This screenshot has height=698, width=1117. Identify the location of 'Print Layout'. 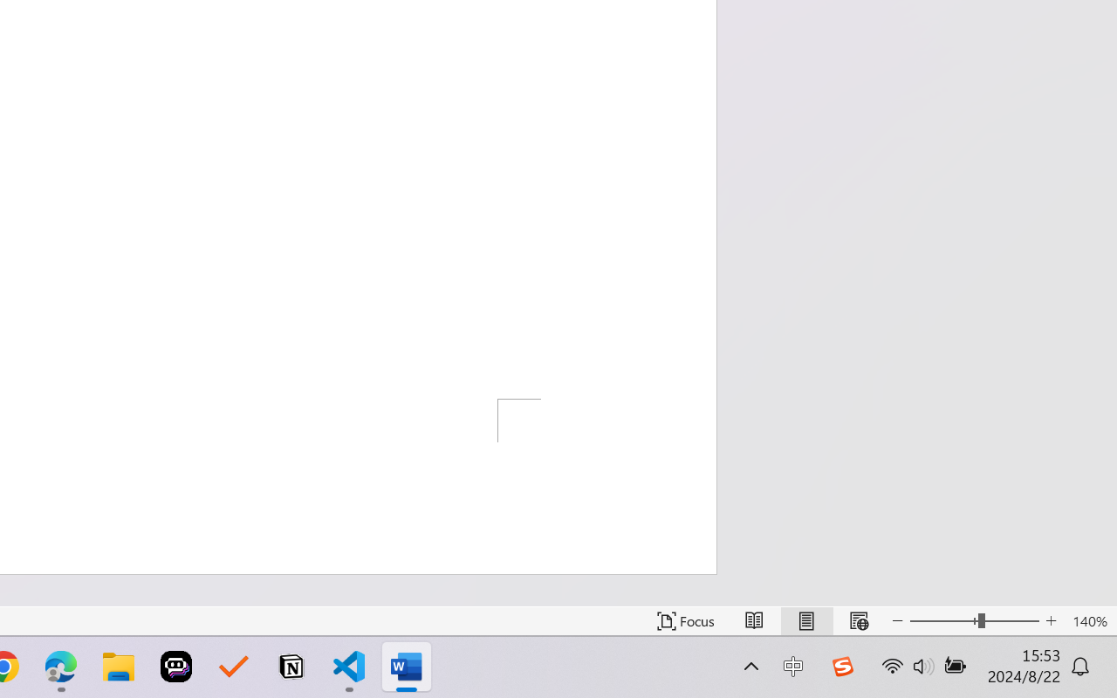
(805, 620).